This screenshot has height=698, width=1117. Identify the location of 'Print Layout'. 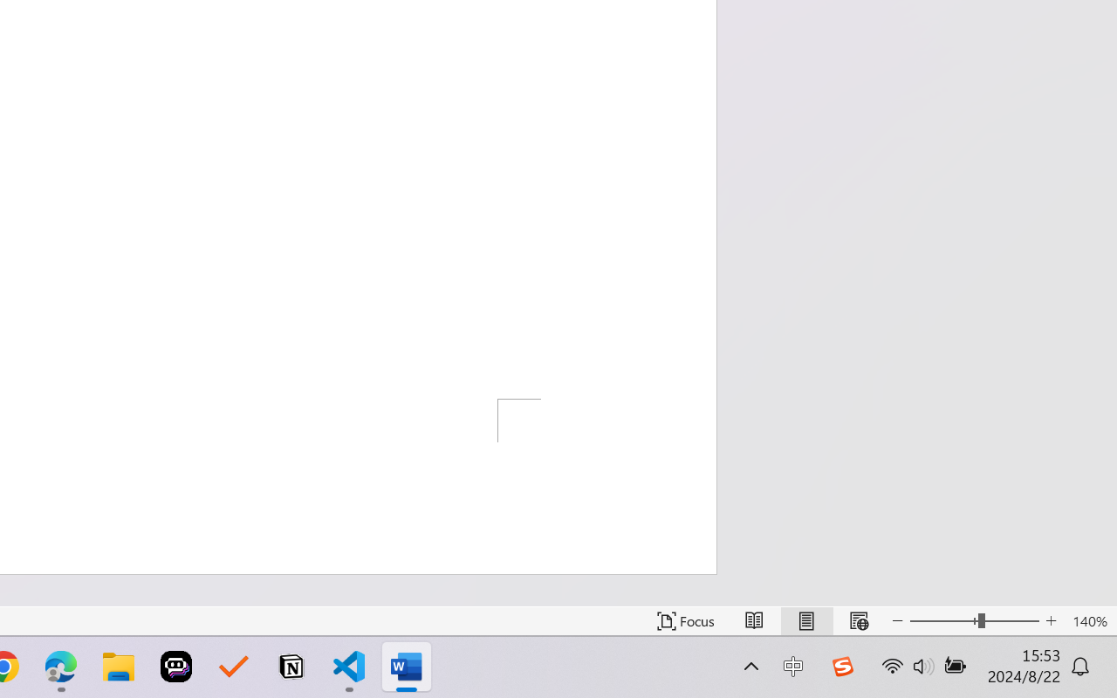
(805, 620).